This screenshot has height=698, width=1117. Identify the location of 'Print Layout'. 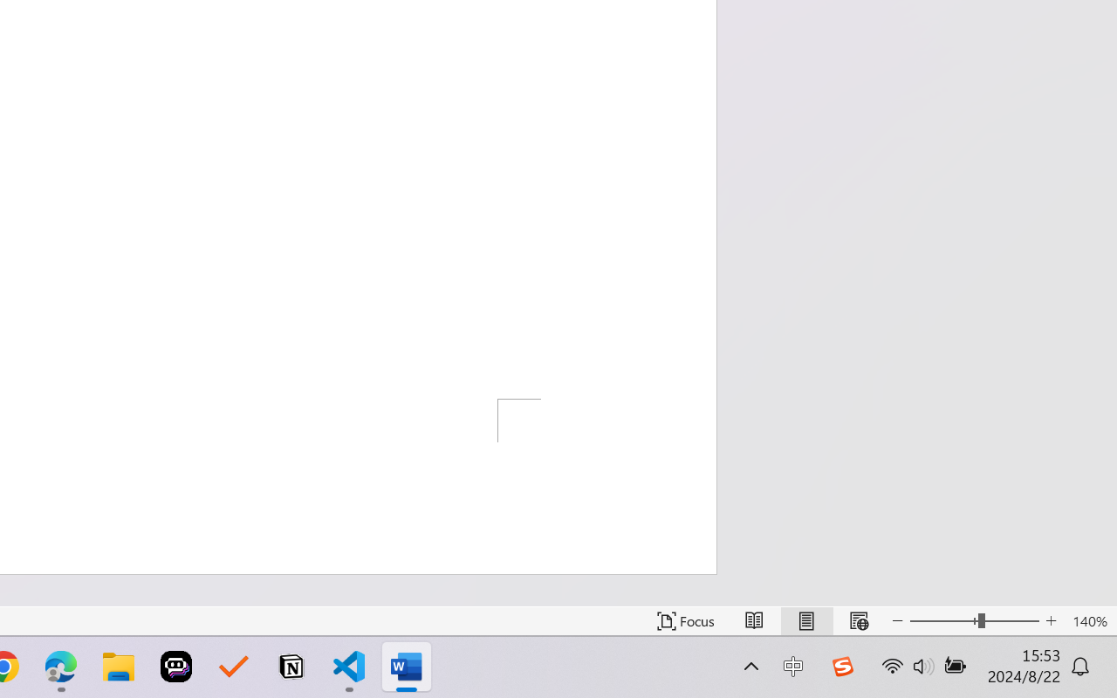
(805, 620).